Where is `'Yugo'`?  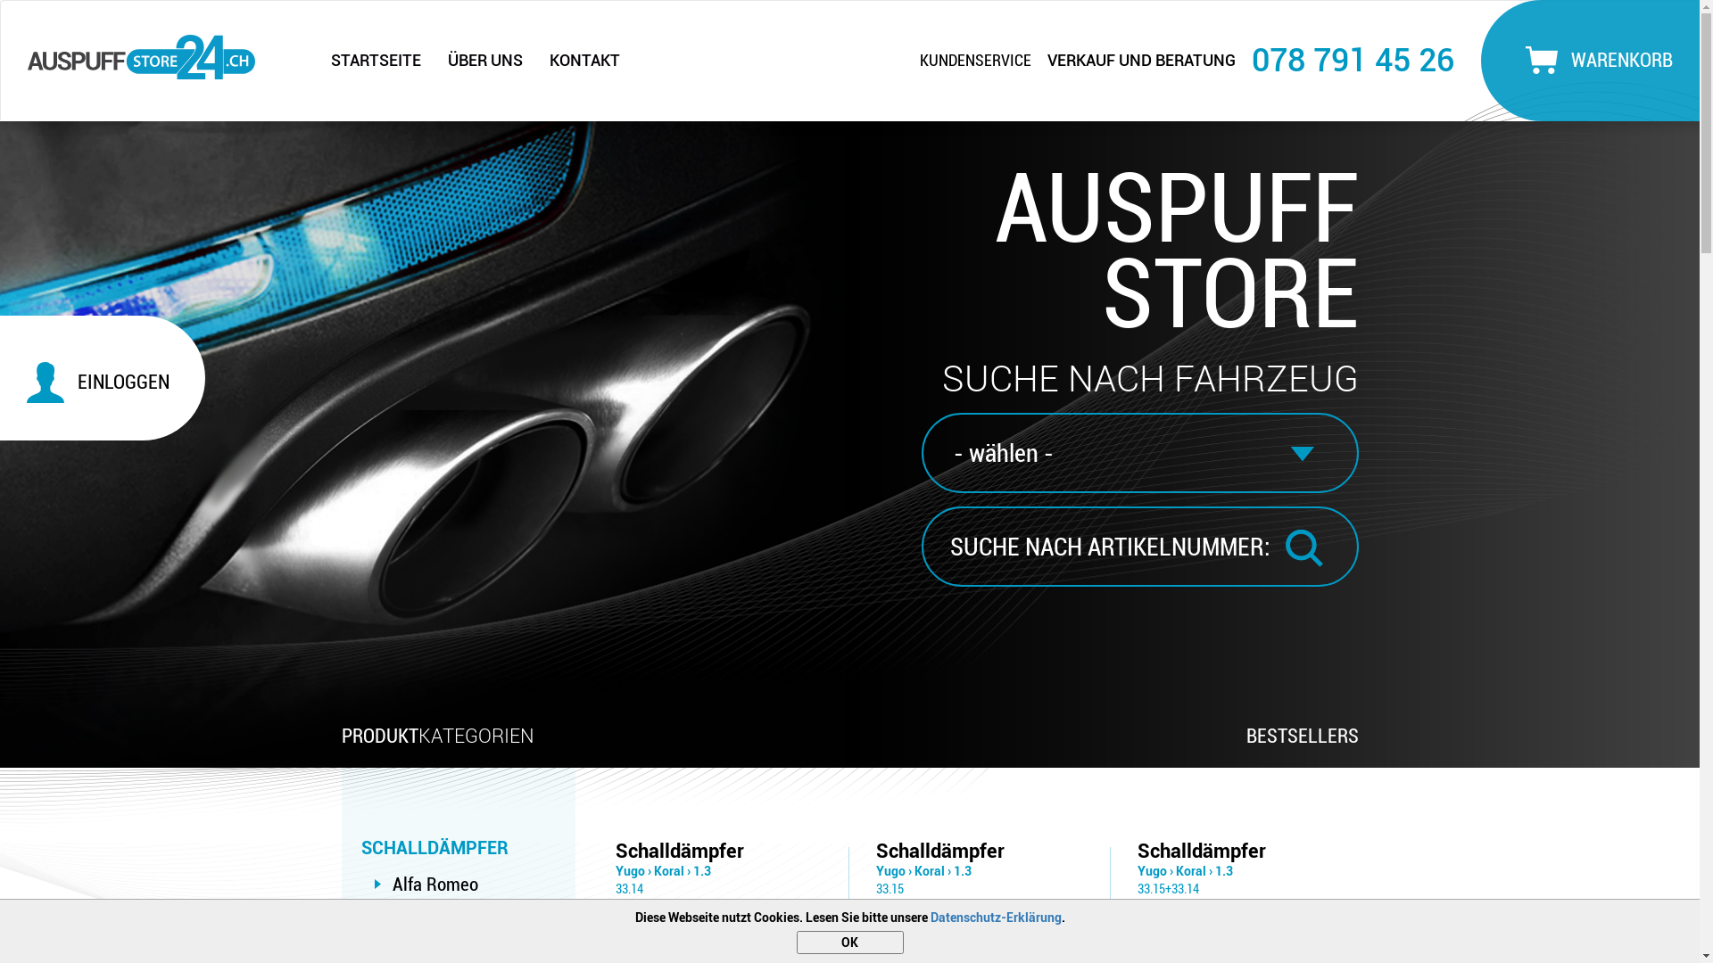
'Yugo' is located at coordinates (1152, 869).